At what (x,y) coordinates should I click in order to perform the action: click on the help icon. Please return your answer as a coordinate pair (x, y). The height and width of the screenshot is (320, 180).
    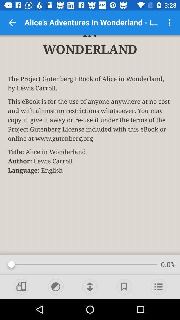
    Looking at the image, I should click on (55, 286).